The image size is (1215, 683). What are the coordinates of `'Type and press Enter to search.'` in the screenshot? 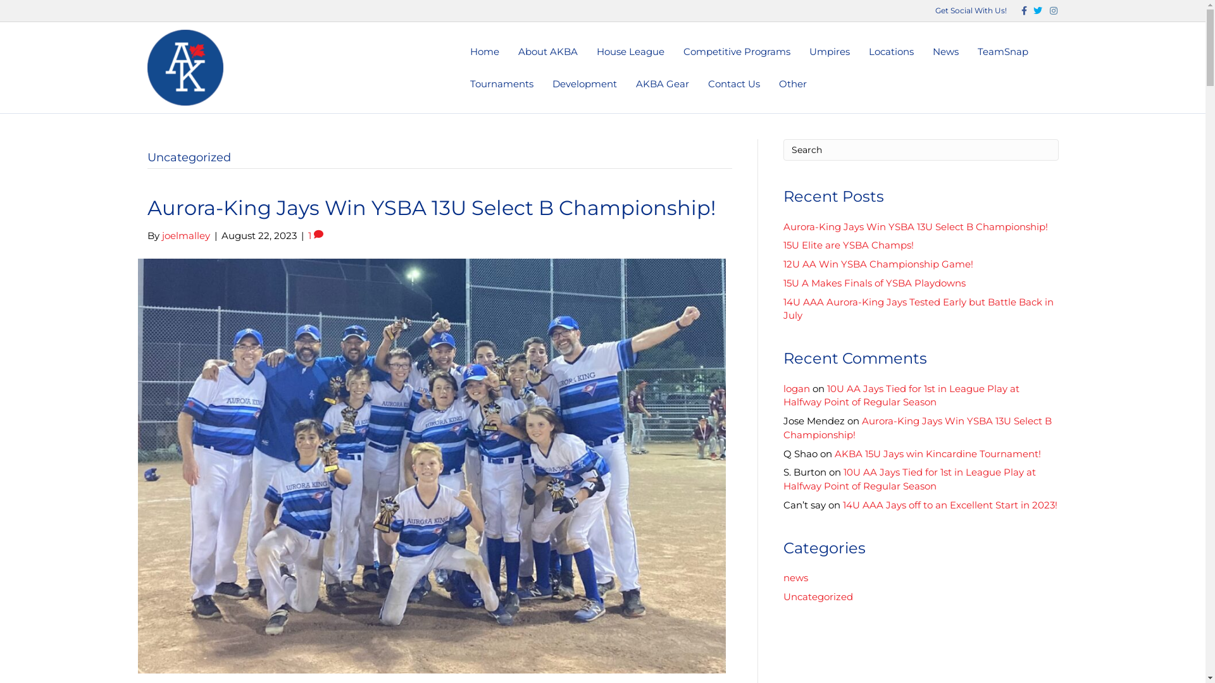 It's located at (921, 149).